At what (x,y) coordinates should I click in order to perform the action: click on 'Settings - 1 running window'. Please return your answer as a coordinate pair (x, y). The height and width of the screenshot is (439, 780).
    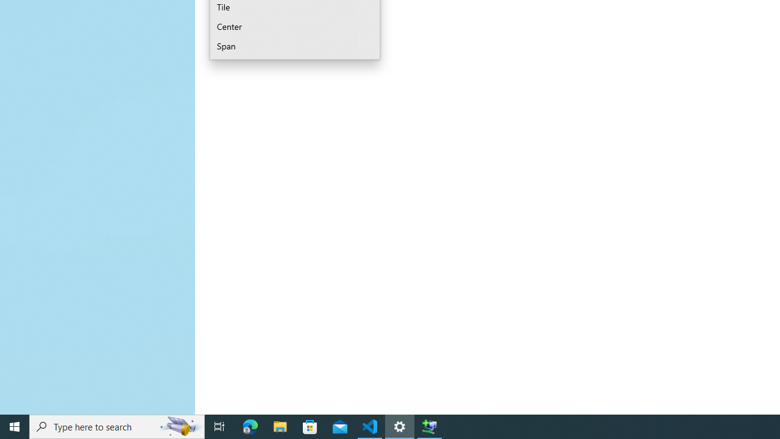
    Looking at the image, I should click on (400, 426).